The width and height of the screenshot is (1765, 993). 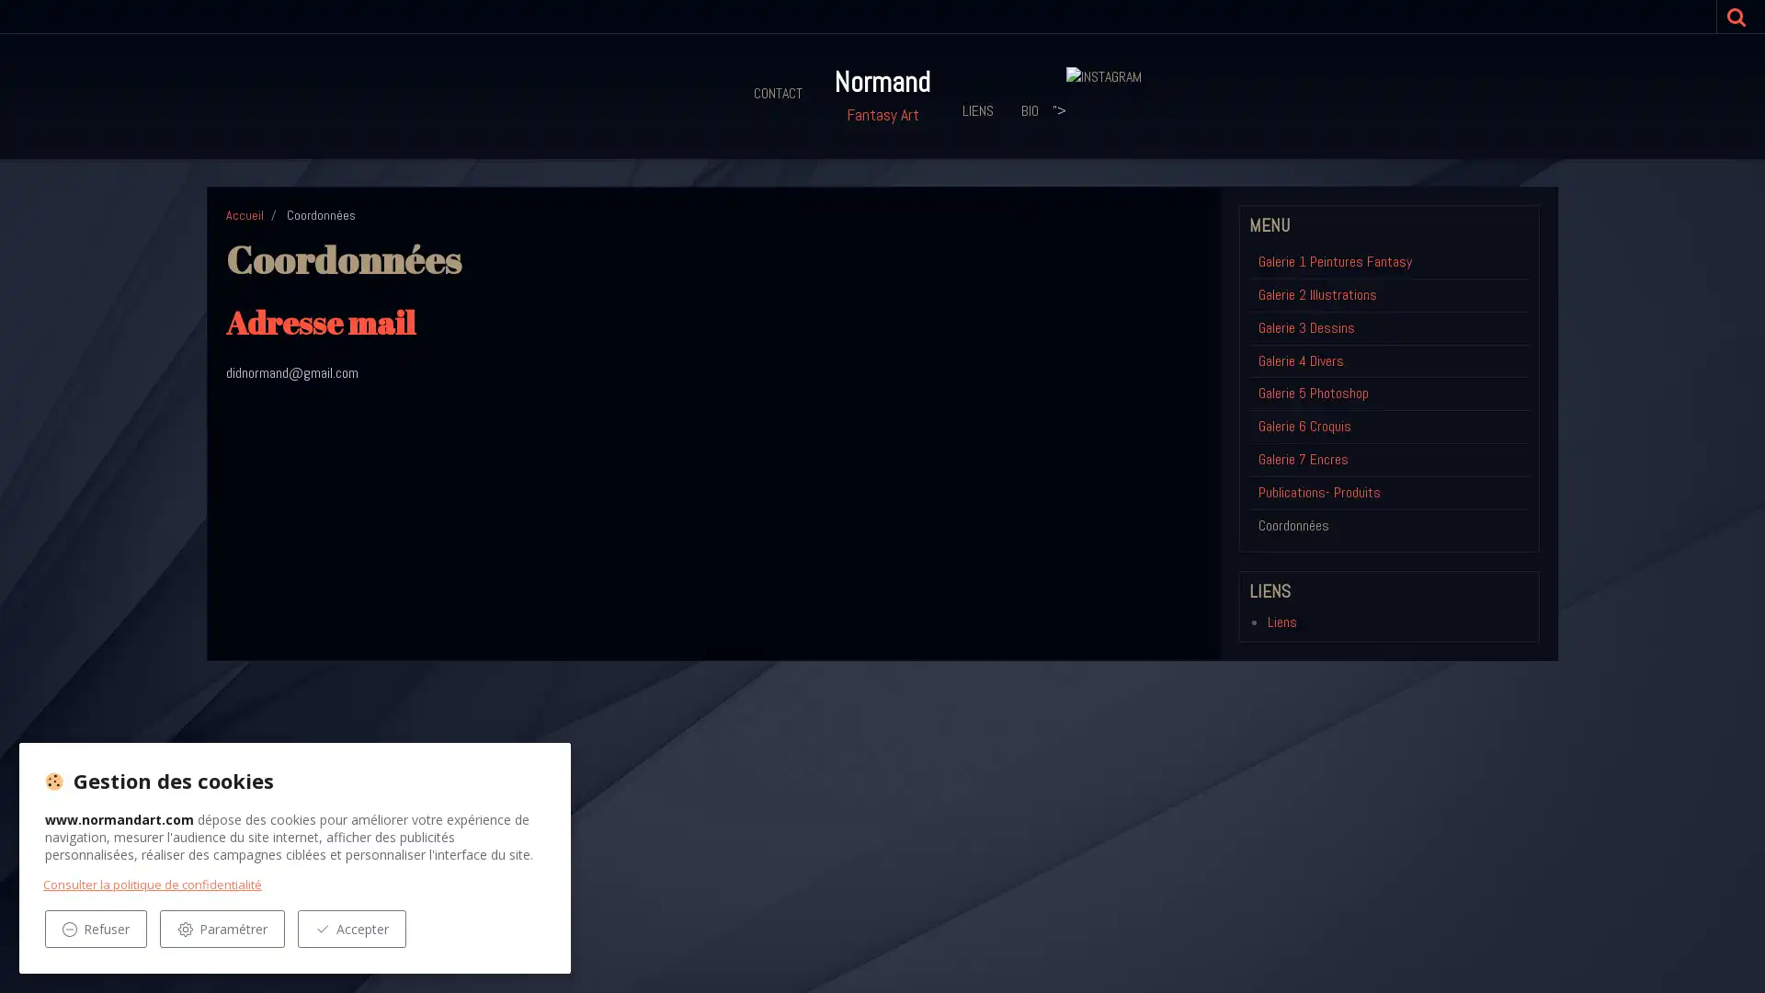 I want to click on Refuser, so click(x=95, y=929).